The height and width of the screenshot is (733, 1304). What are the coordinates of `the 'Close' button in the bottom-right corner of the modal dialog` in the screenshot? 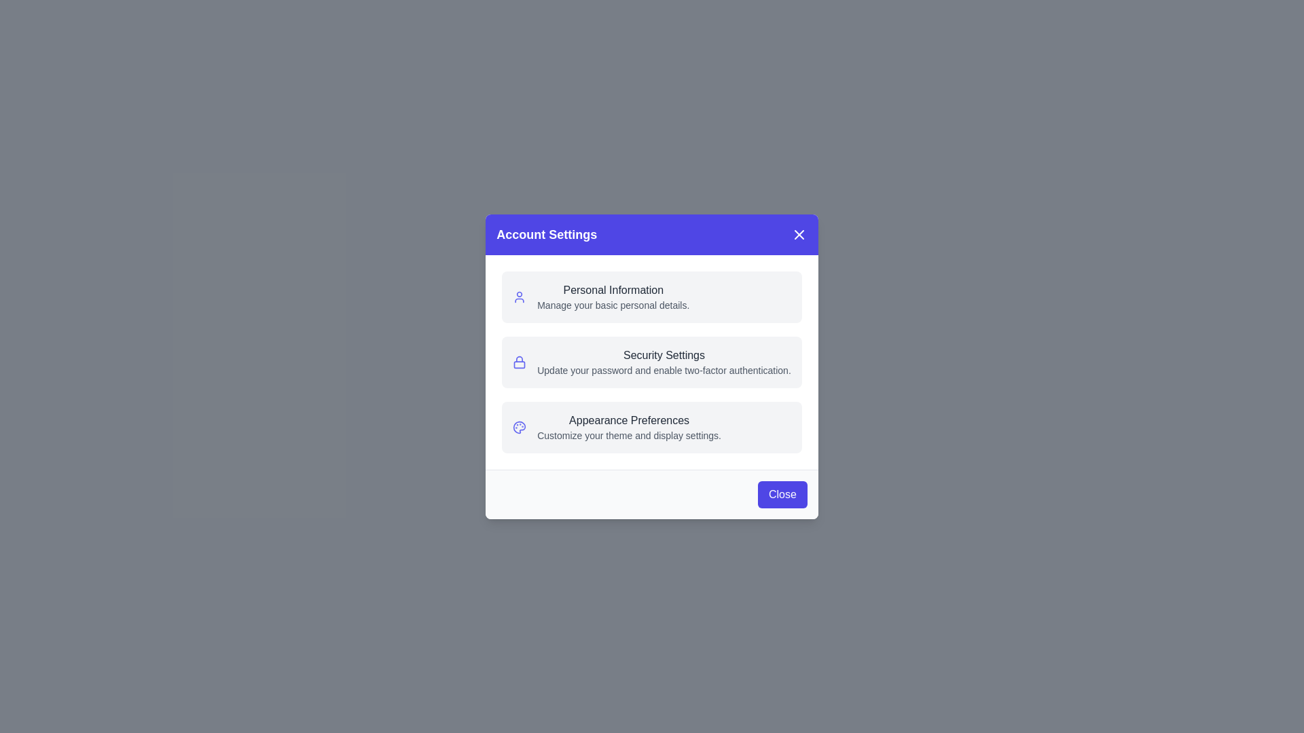 It's located at (782, 494).